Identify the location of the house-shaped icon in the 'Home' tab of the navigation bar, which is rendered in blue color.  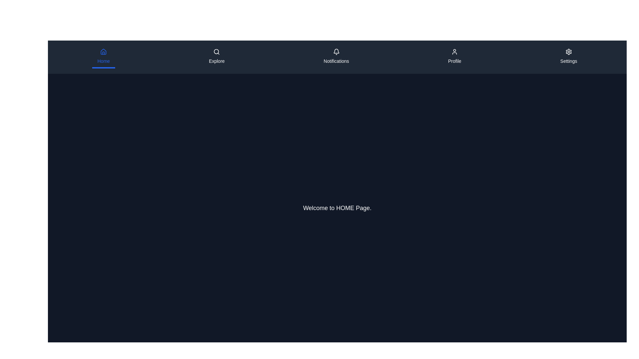
(103, 51).